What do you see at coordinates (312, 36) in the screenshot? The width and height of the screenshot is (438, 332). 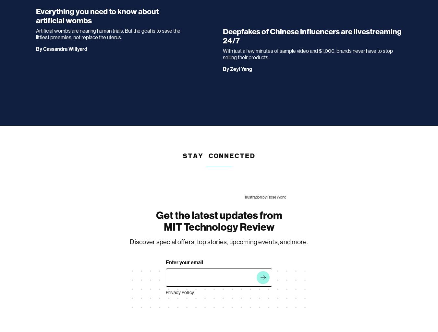 I see `'Deepfakes of Chinese influencers are livestreaming 24/7'` at bounding box center [312, 36].